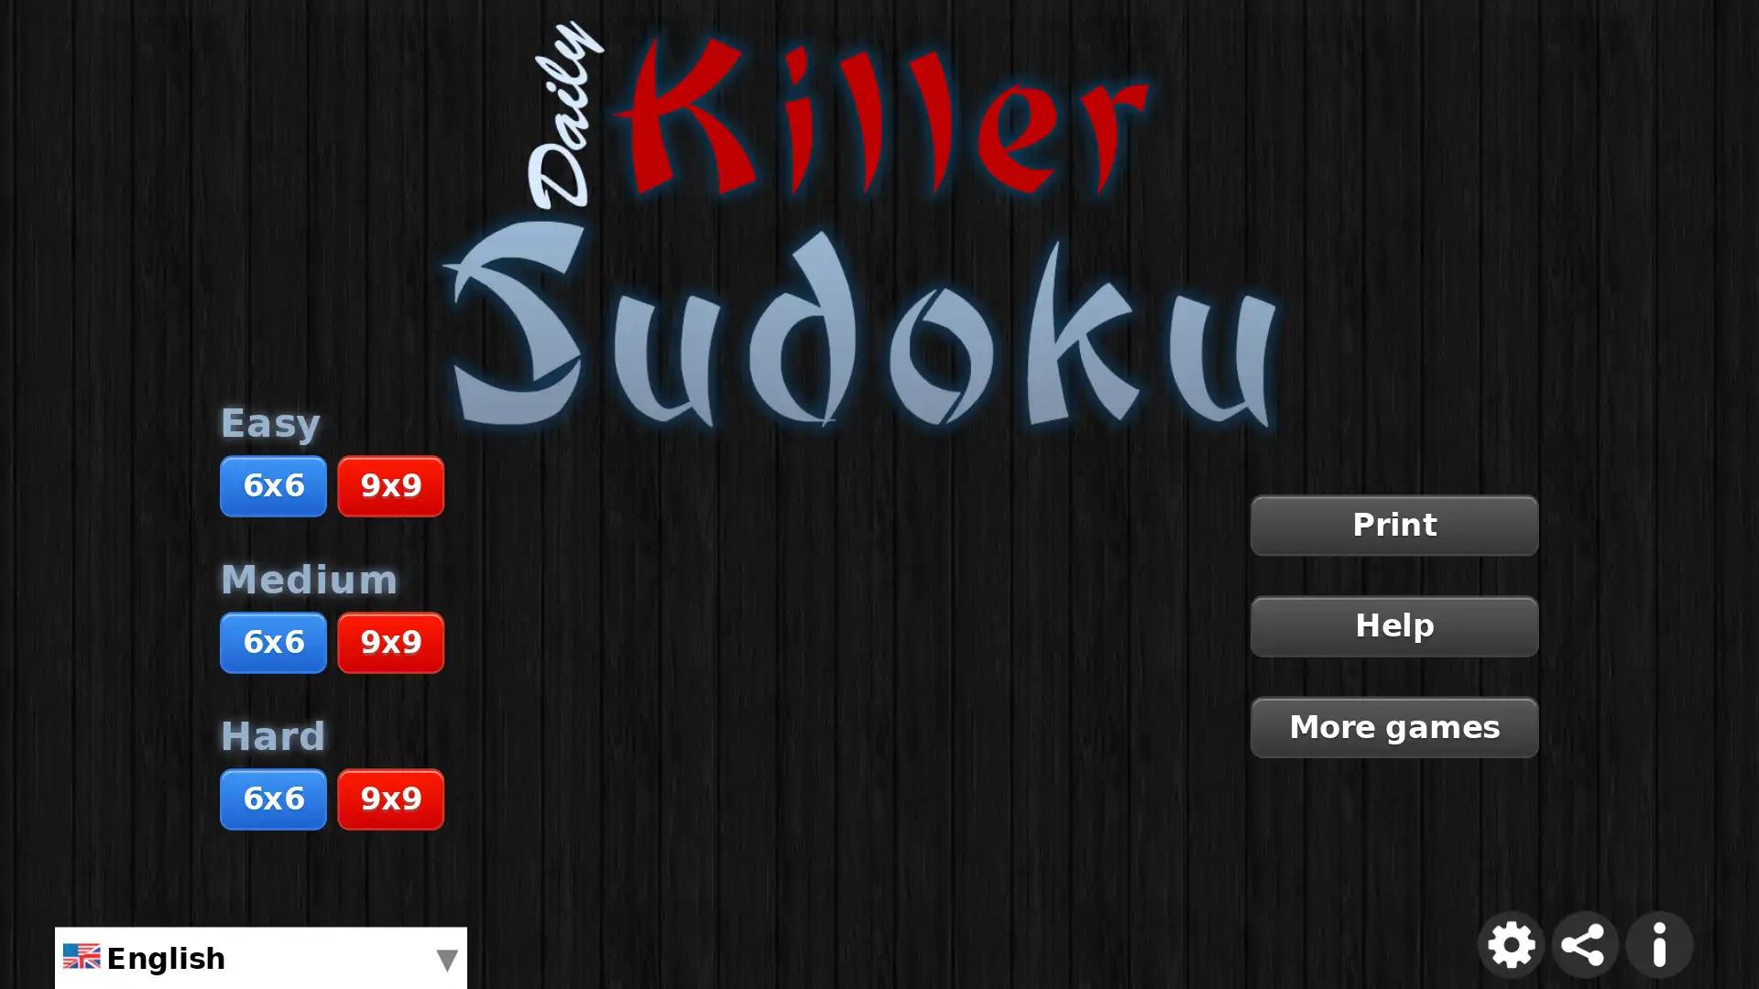 The width and height of the screenshot is (1759, 989). What do you see at coordinates (389, 641) in the screenshot?
I see `9x9` at bounding box center [389, 641].